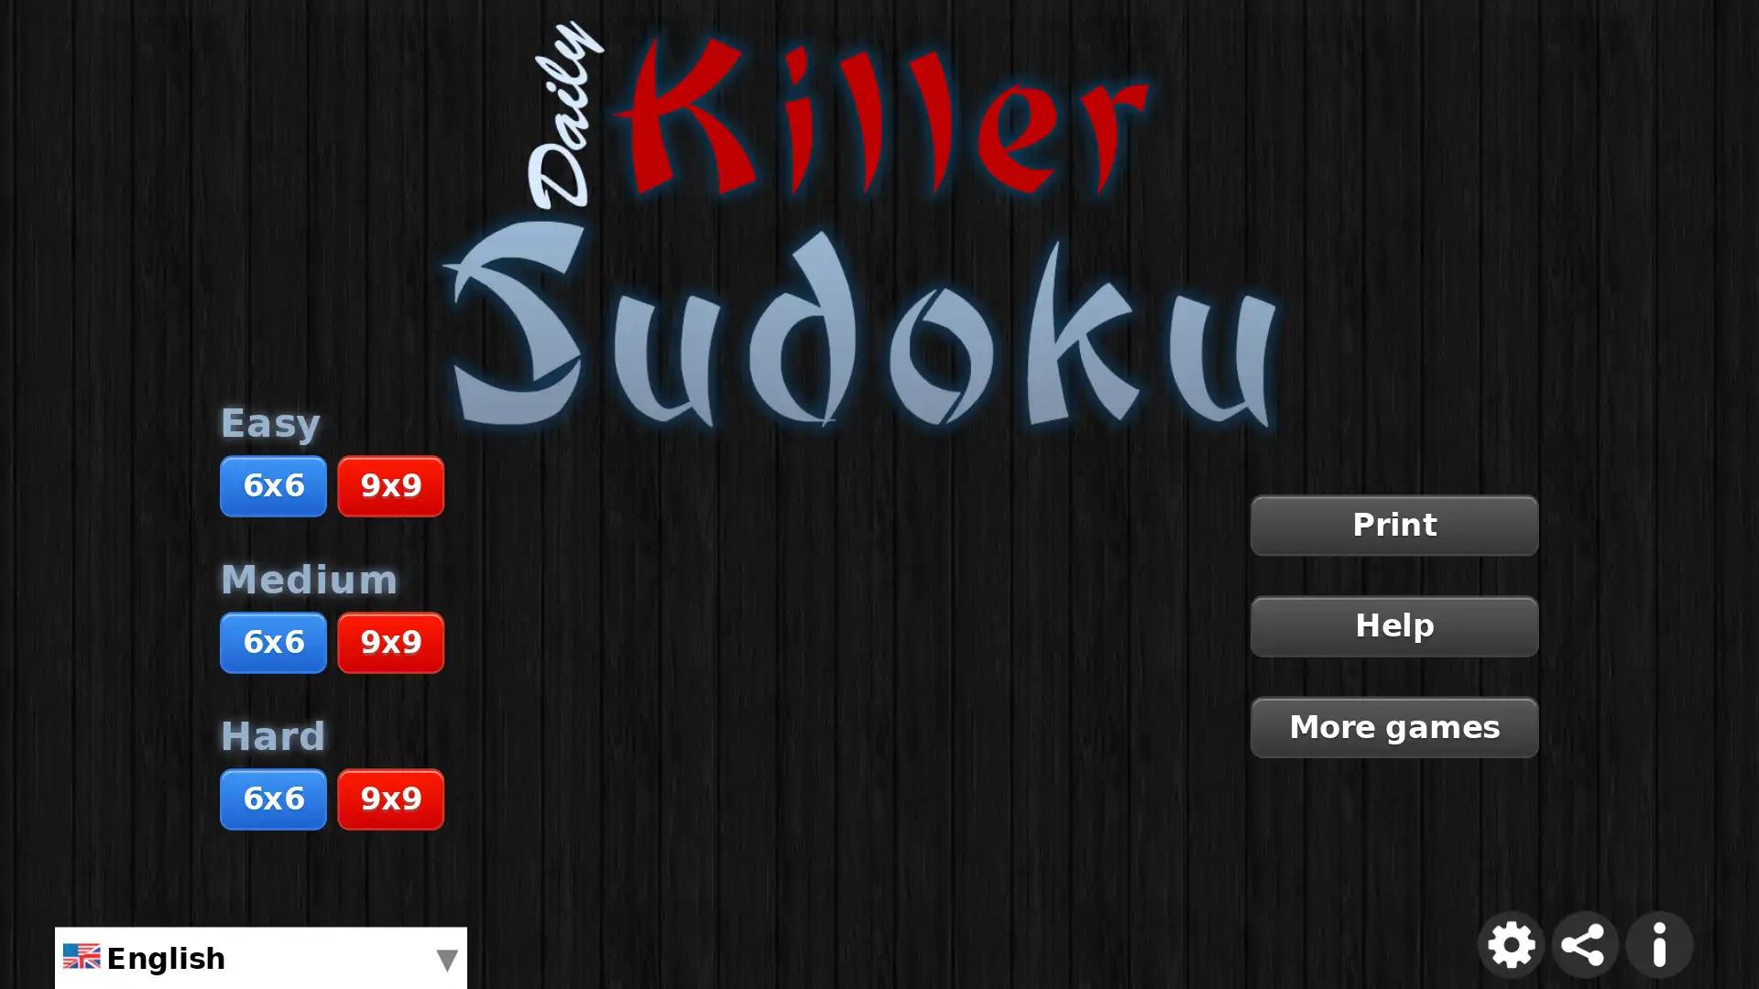 The width and height of the screenshot is (1759, 989). What do you see at coordinates (389, 641) in the screenshot?
I see `9x9` at bounding box center [389, 641].